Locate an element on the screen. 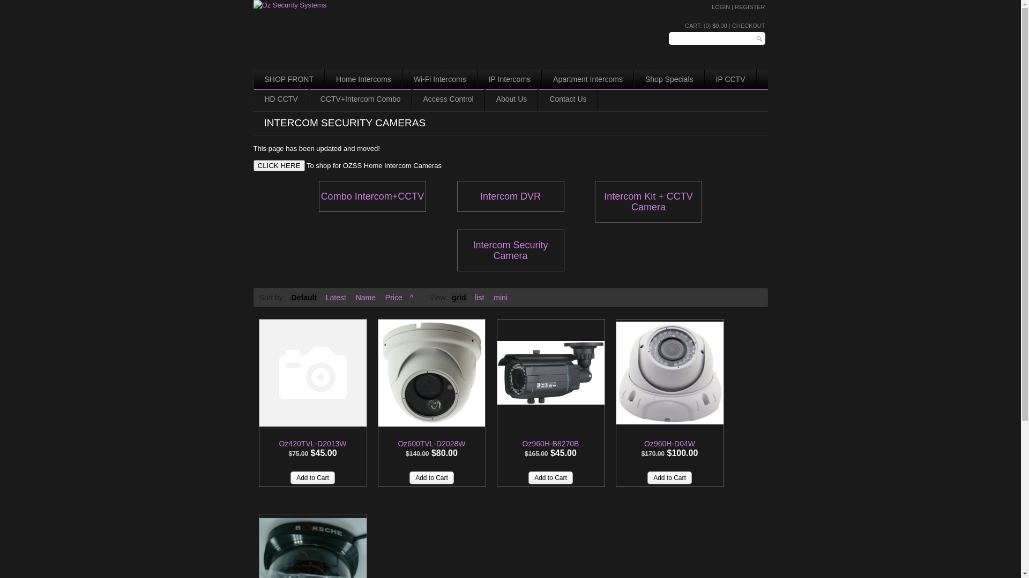 The width and height of the screenshot is (1029, 578). 'Access Control' is located at coordinates (448, 99).